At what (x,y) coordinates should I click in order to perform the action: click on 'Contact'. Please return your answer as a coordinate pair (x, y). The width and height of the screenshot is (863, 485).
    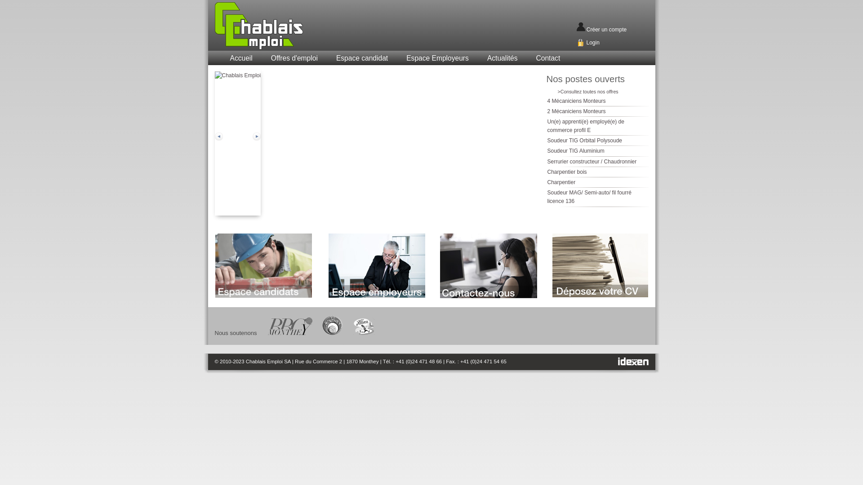
    Looking at the image, I should click on (547, 58).